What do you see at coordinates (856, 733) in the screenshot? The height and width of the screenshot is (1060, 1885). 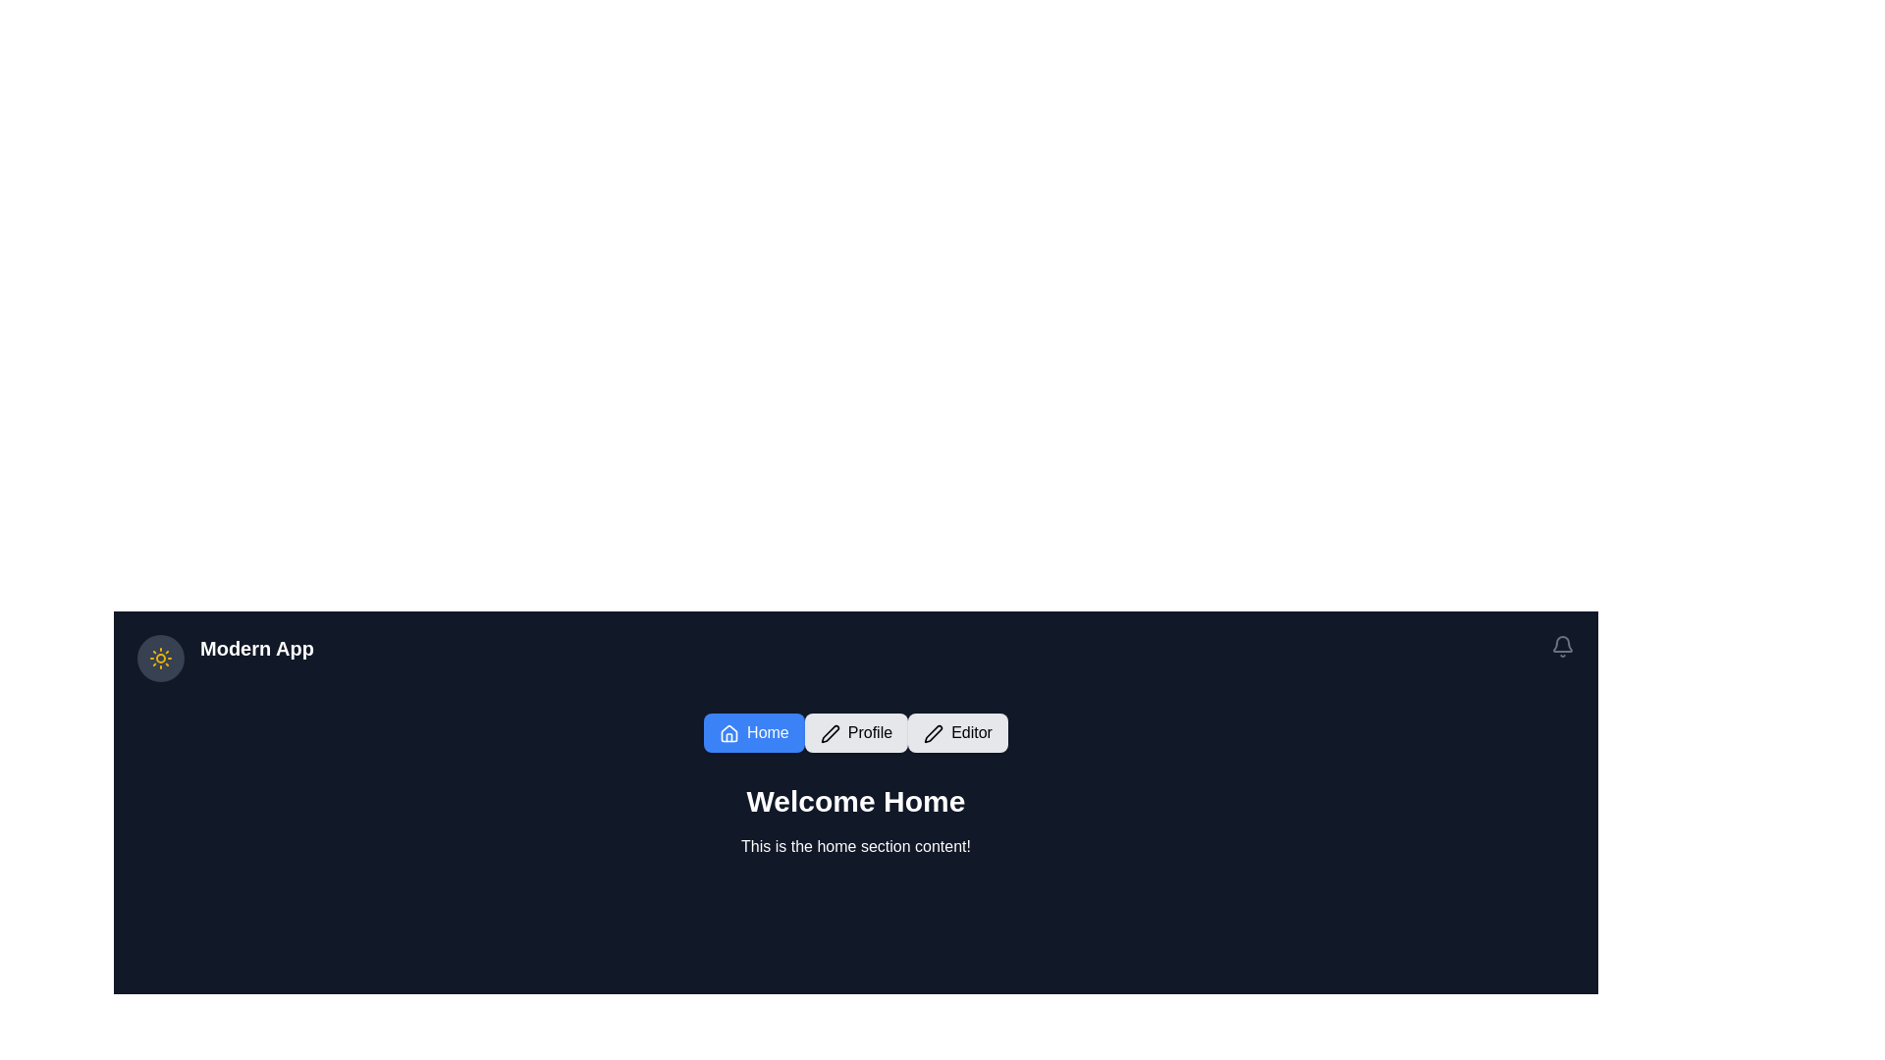 I see `the 'Profile' button located as the second item in the horizontal navigation bar` at bounding box center [856, 733].